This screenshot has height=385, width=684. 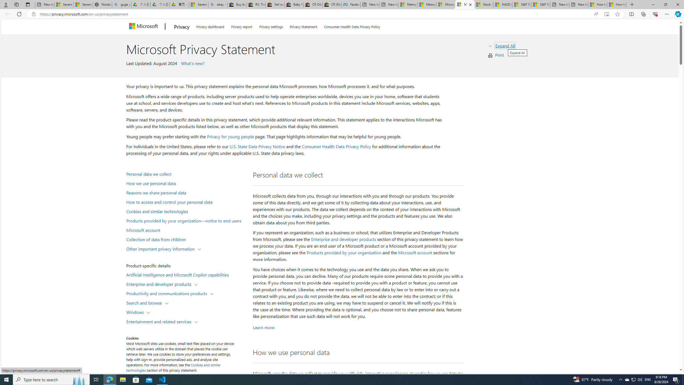 I want to click on 'How to access and control your personal data', so click(x=186, y=202).